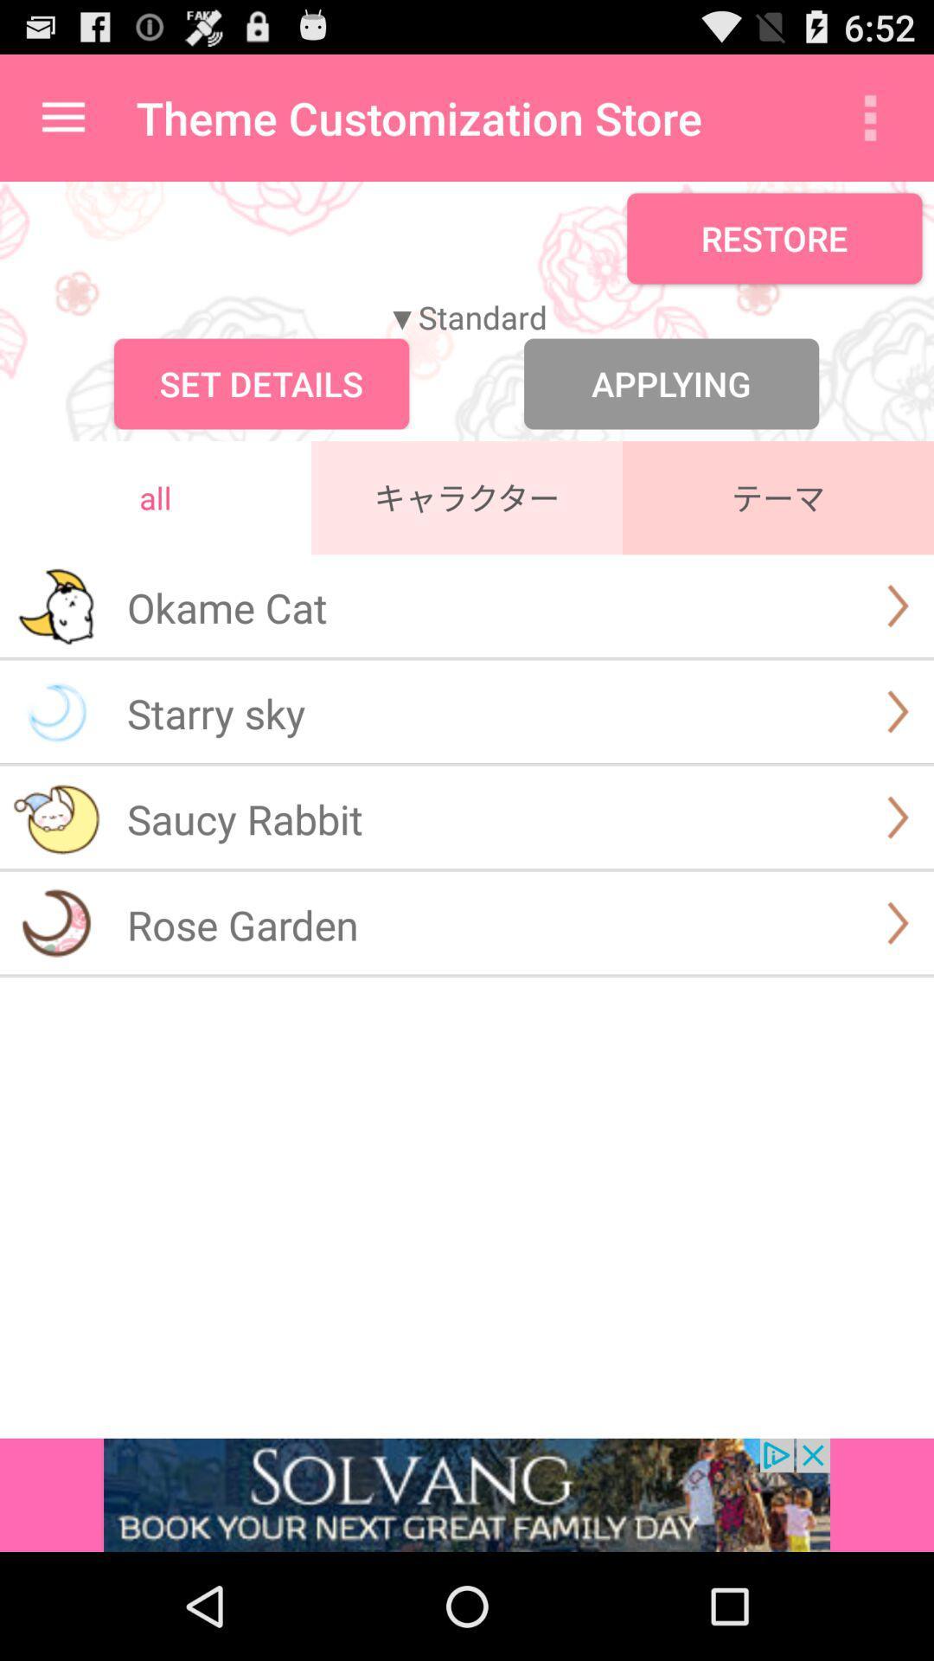  What do you see at coordinates (467, 1494) in the screenshot?
I see `advertisement image` at bounding box center [467, 1494].